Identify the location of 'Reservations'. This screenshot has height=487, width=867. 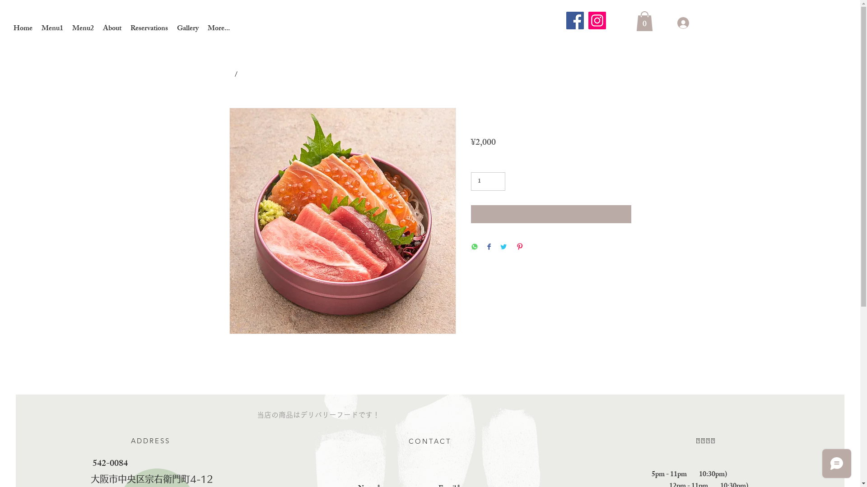
(125, 28).